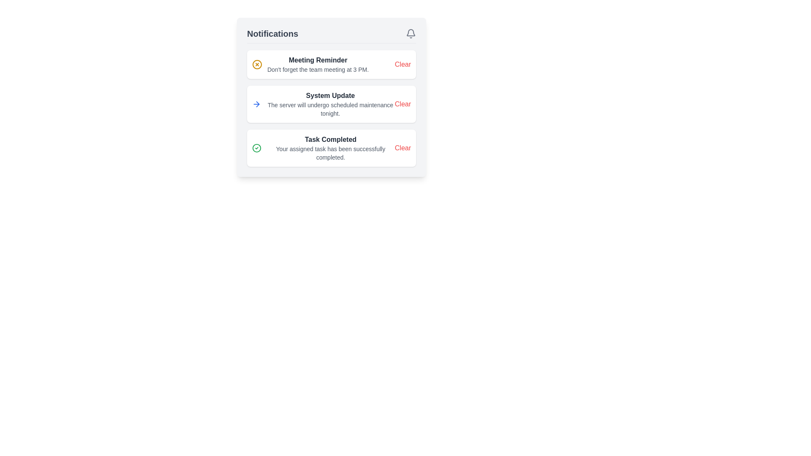 The width and height of the screenshot is (811, 456). Describe the element at coordinates (272, 33) in the screenshot. I see `the bold, gray-colored text label reading 'Notifications' at the top of the notifications section` at that location.